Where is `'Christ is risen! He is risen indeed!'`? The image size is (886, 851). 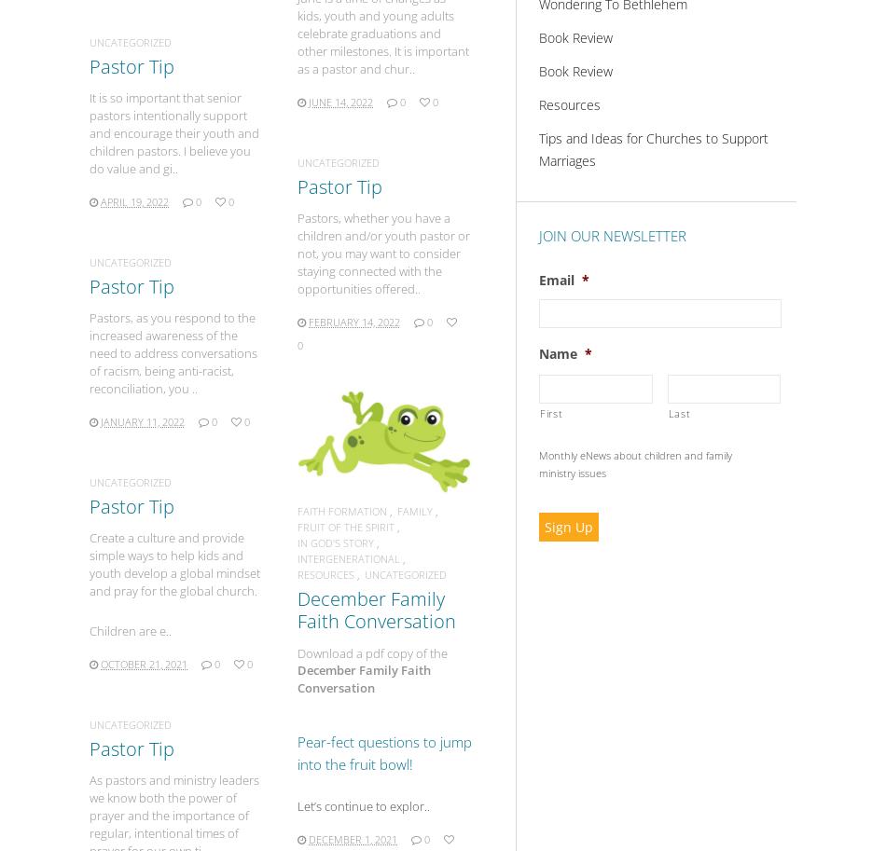 'Christ is risen! He is risen indeed!' is located at coordinates (374, 161).